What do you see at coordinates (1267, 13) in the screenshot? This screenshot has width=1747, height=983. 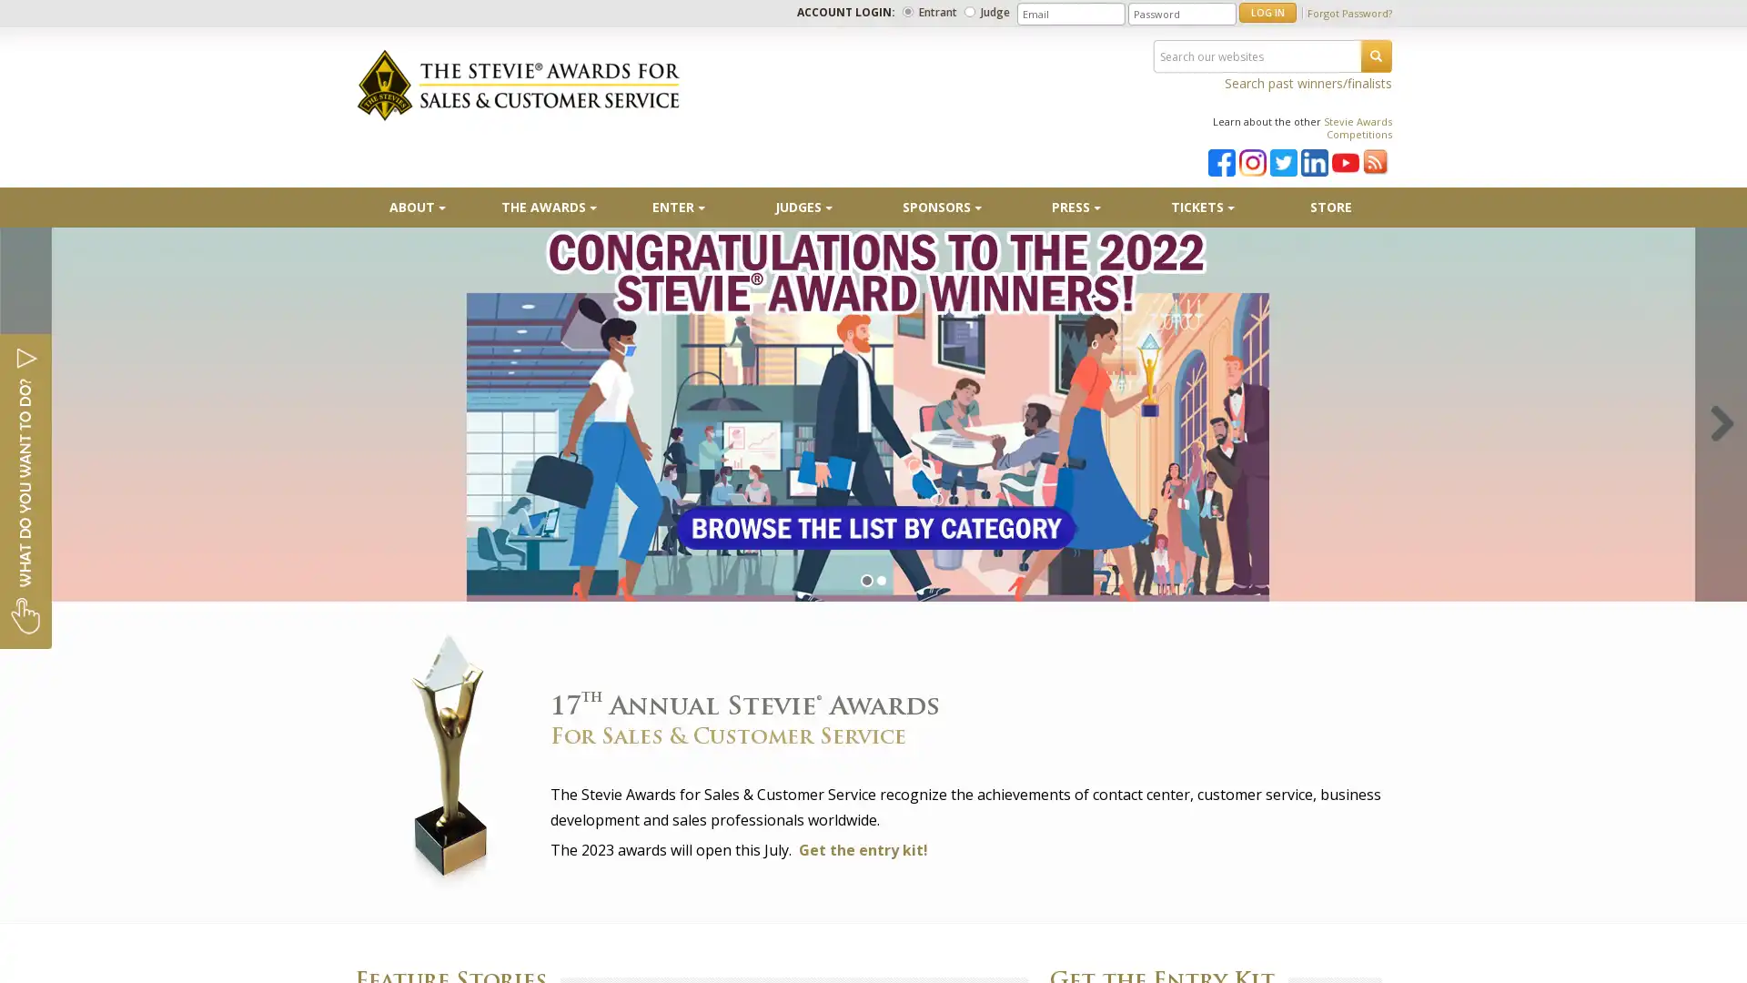 I see `LOG IN` at bounding box center [1267, 13].